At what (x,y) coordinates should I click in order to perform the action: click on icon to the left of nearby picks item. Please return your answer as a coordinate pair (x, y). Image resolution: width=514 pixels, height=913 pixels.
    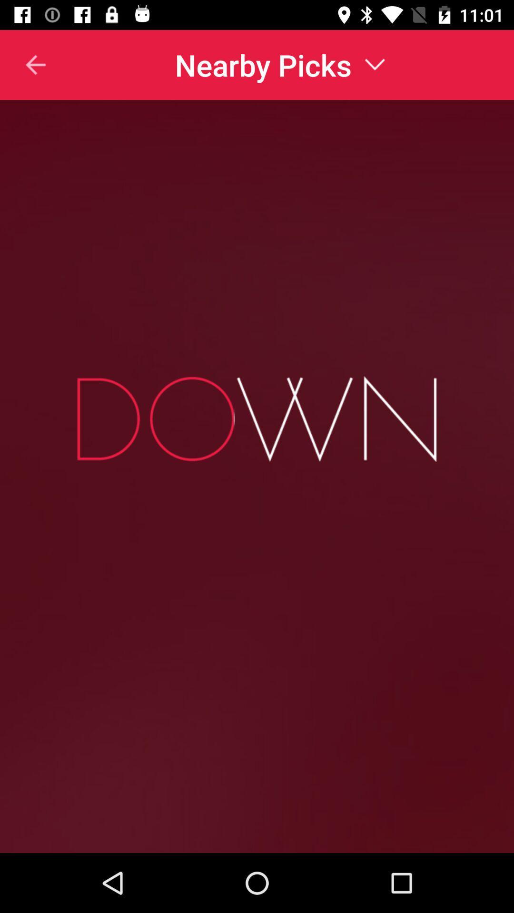
    Looking at the image, I should click on (23, 64).